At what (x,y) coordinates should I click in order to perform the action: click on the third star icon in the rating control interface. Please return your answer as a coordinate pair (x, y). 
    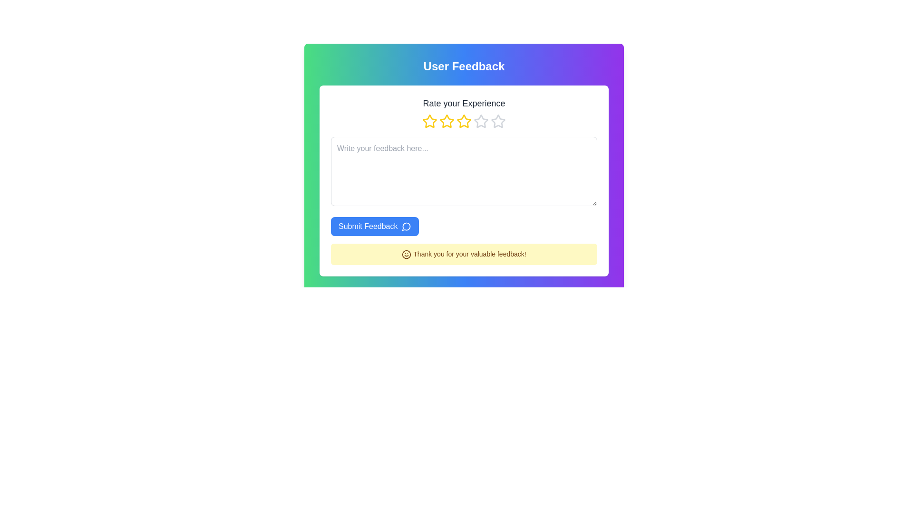
    Looking at the image, I should click on (447, 121).